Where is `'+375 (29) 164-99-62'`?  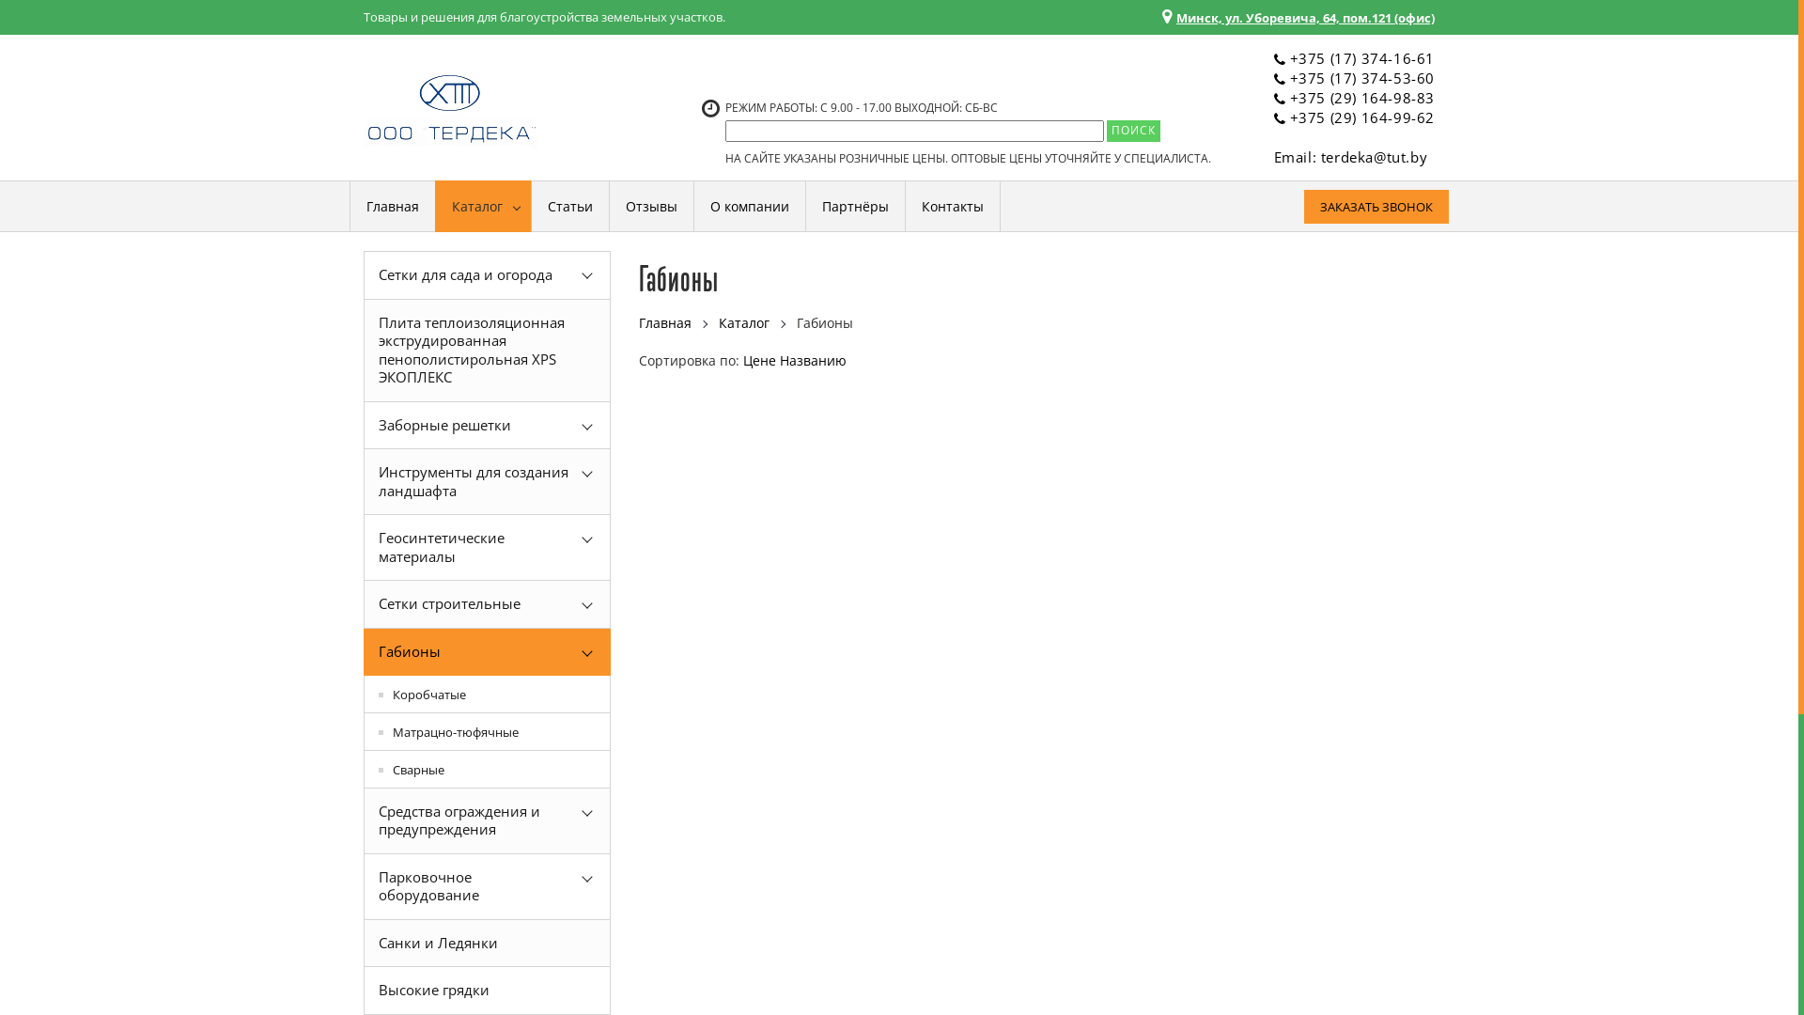
'+375 (29) 164-99-62' is located at coordinates (1288, 117).